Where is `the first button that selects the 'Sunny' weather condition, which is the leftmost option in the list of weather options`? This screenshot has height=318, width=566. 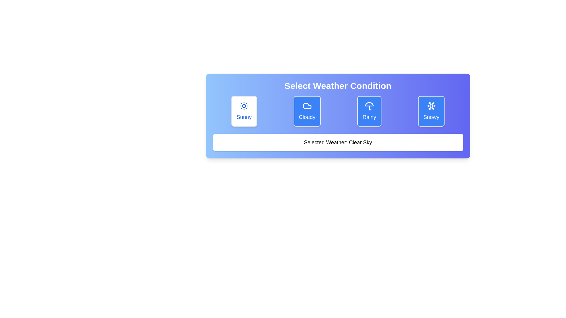
the first button that selects the 'Sunny' weather condition, which is the leftmost option in the list of weather options is located at coordinates (244, 111).